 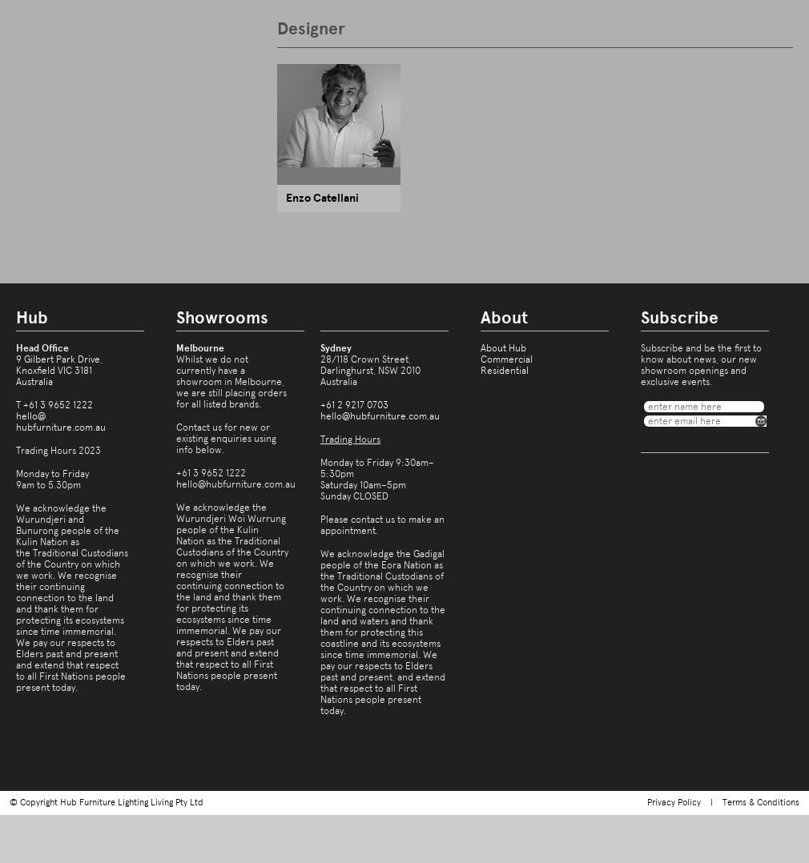 What do you see at coordinates (30, 416) in the screenshot?
I see `'hello@'` at bounding box center [30, 416].